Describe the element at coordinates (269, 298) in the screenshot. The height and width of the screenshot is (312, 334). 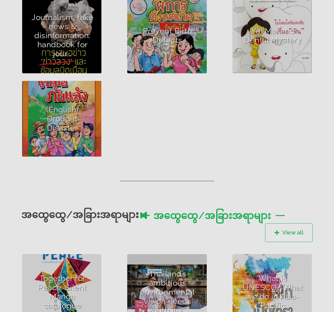
I see `'Explain about UNESCO.'` at that location.